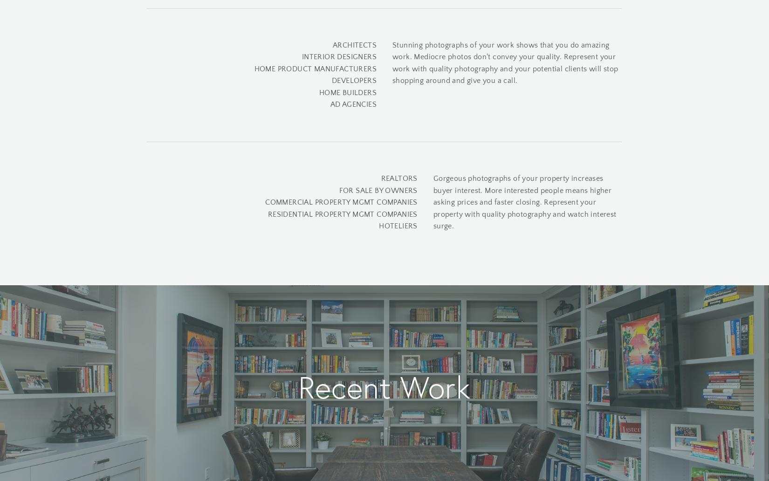  I want to click on 'DEVELOPERS', so click(353, 80).